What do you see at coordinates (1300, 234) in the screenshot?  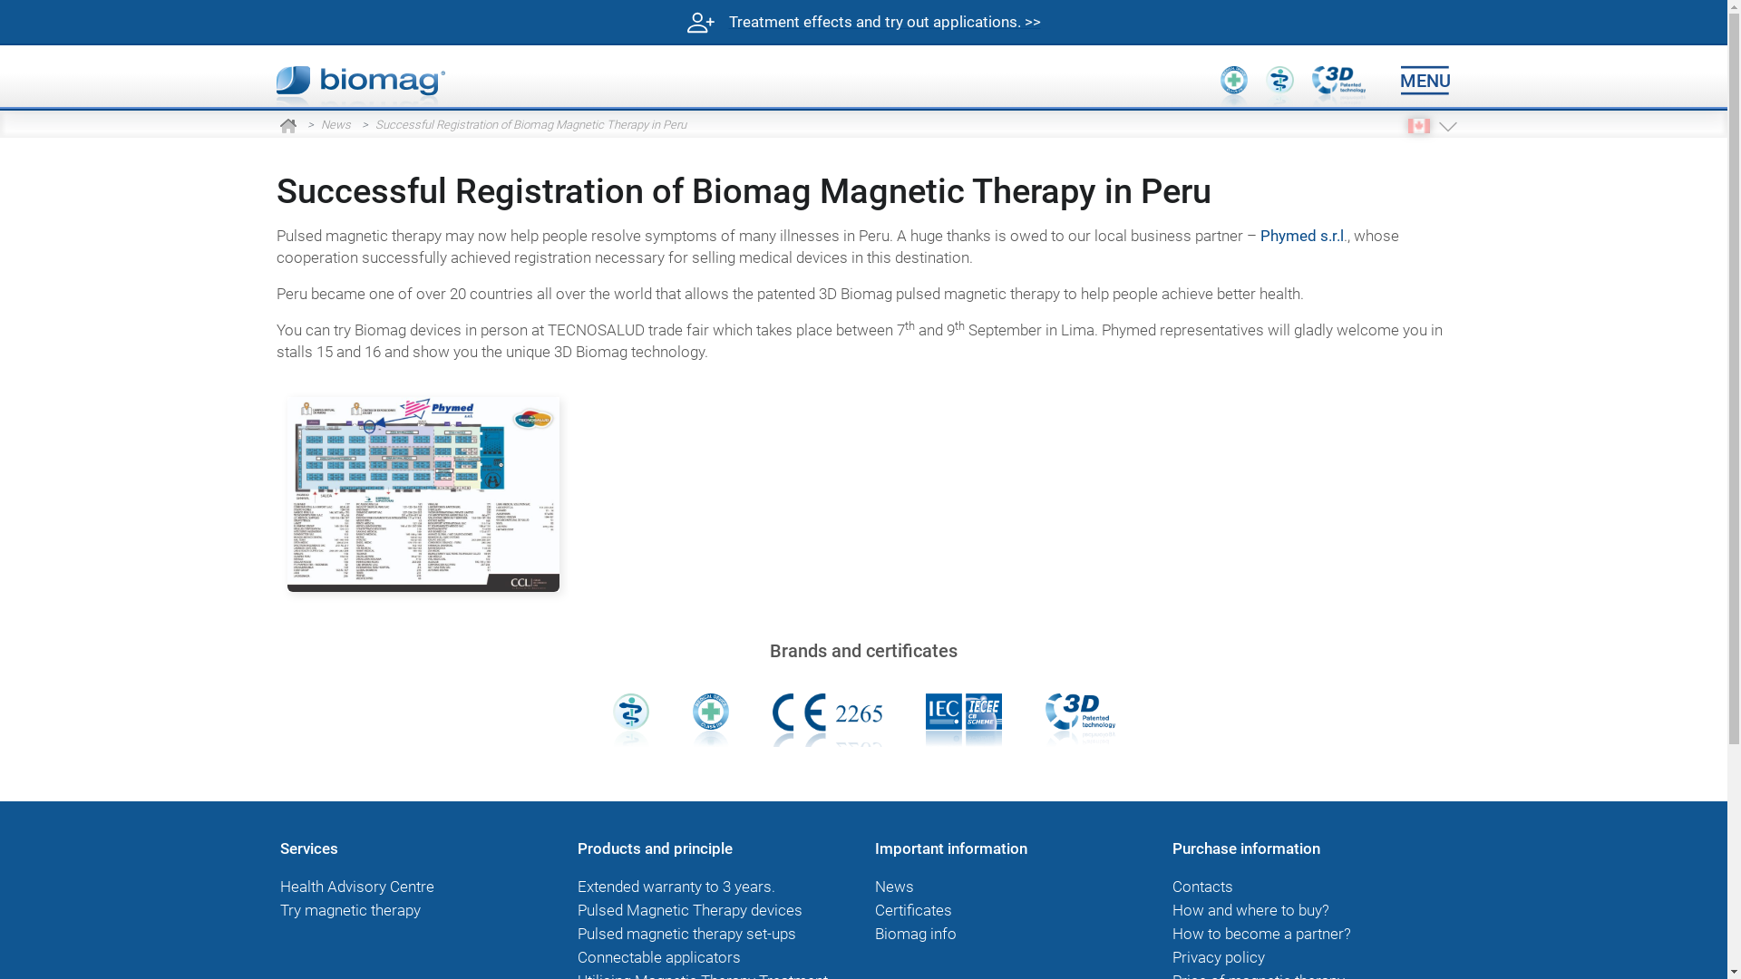 I see `'Phymed s.r.l'` at bounding box center [1300, 234].